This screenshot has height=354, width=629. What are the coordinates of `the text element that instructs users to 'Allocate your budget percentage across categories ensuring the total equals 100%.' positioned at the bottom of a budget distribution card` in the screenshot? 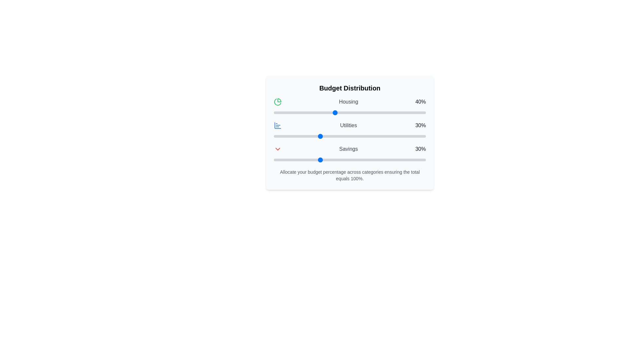 It's located at (350, 175).